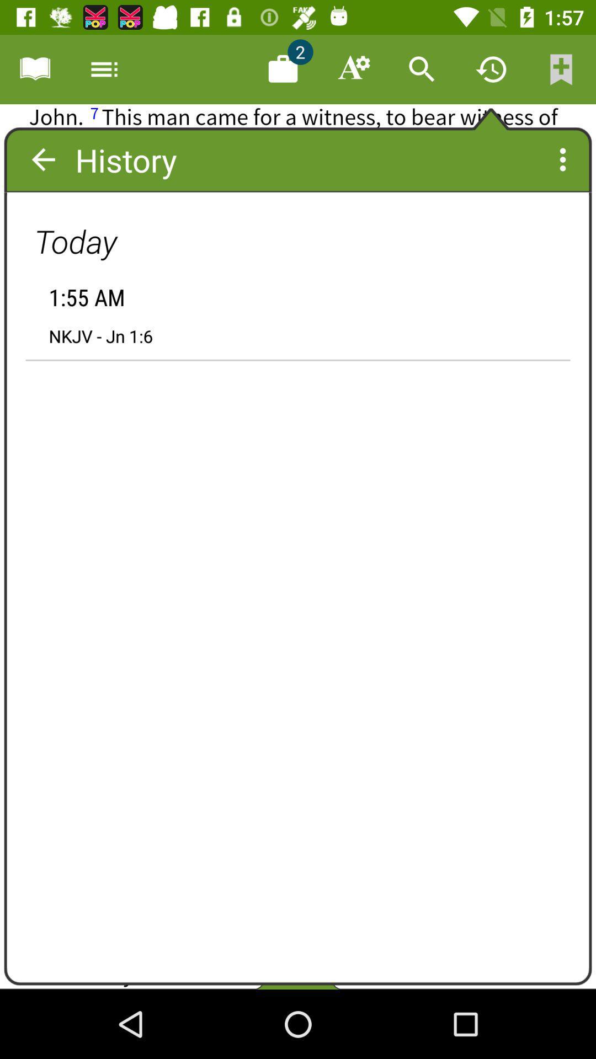 This screenshot has height=1059, width=596. I want to click on the icon in which blue color numeric 2 is present, so click(283, 68).